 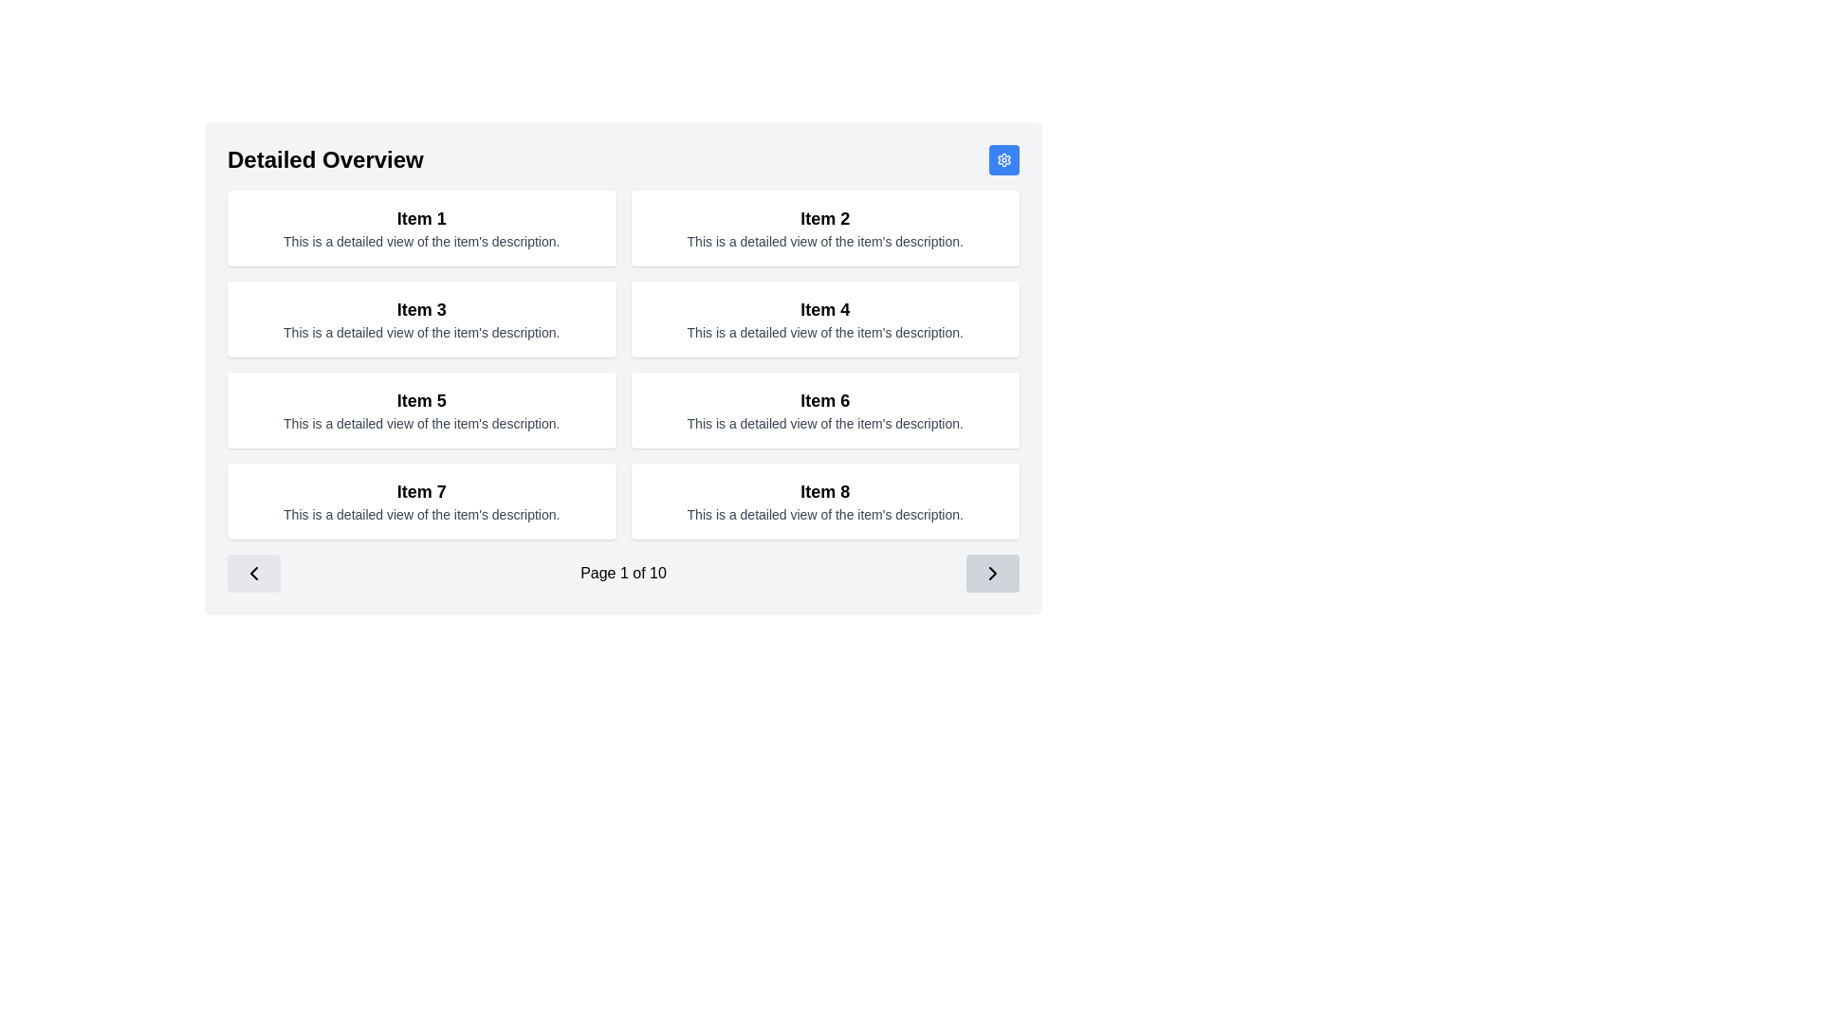 I want to click on the text label located in the second row of the grid layout, specifically in the left column, which serves as a concise identifier for its associated content, so click(x=825, y=309).